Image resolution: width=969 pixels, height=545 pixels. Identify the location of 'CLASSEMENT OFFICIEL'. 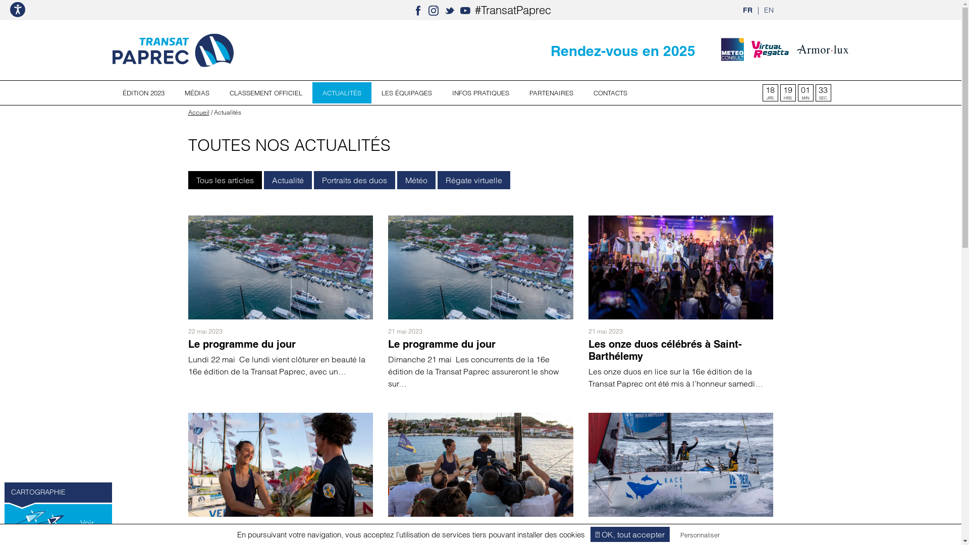
(265, 93).